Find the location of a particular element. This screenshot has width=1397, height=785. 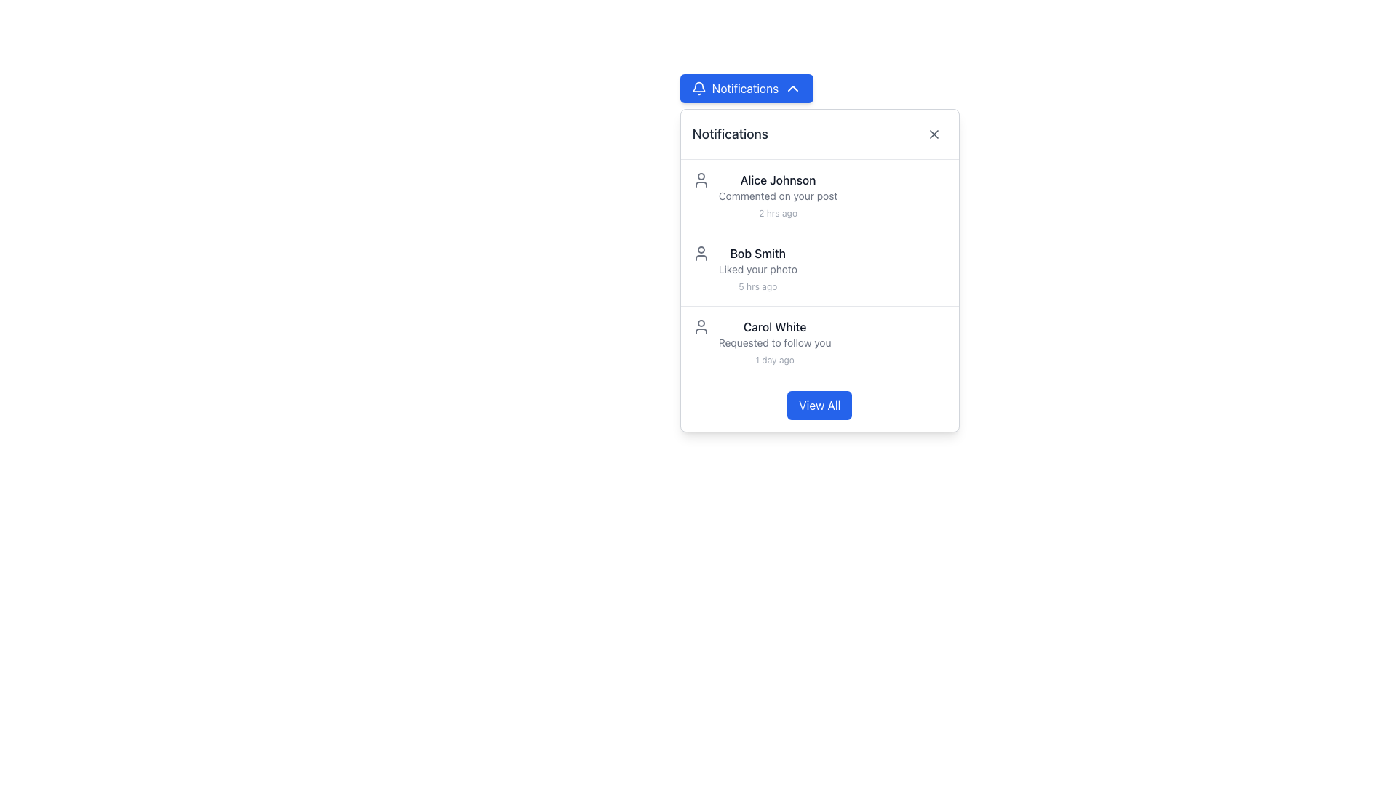

the close icon represented by an 'X' in the top-right corner of the notifications dropdown panel is located at coordinates (934, 134).